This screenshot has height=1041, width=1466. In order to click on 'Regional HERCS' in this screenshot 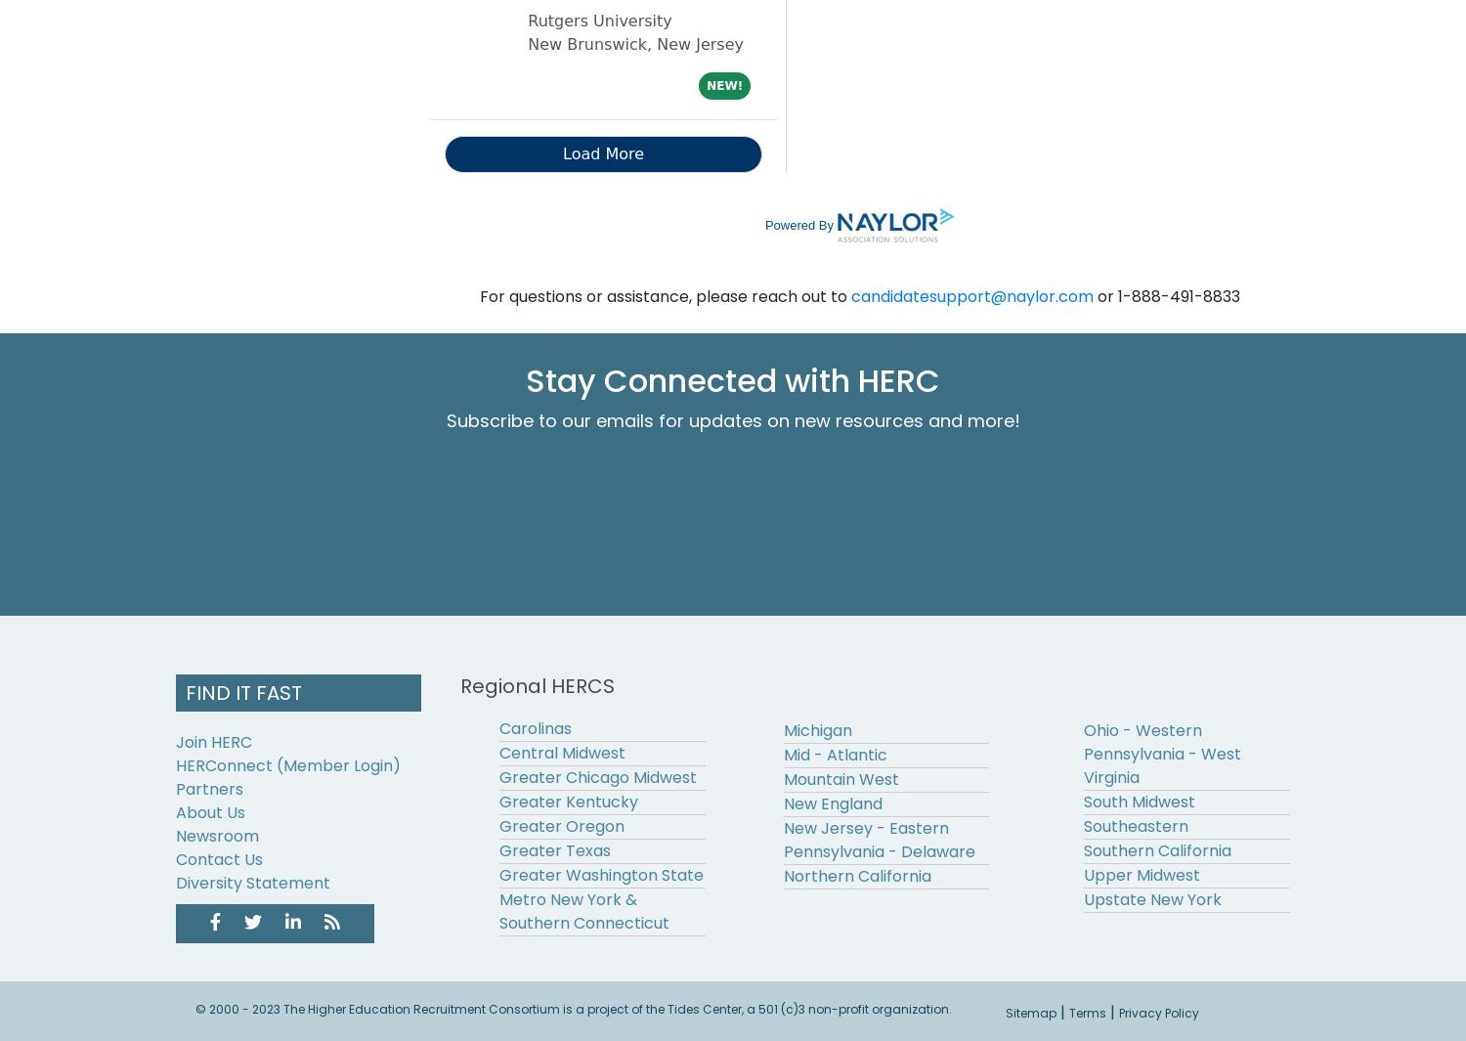, I will do `click(537, 686)`.